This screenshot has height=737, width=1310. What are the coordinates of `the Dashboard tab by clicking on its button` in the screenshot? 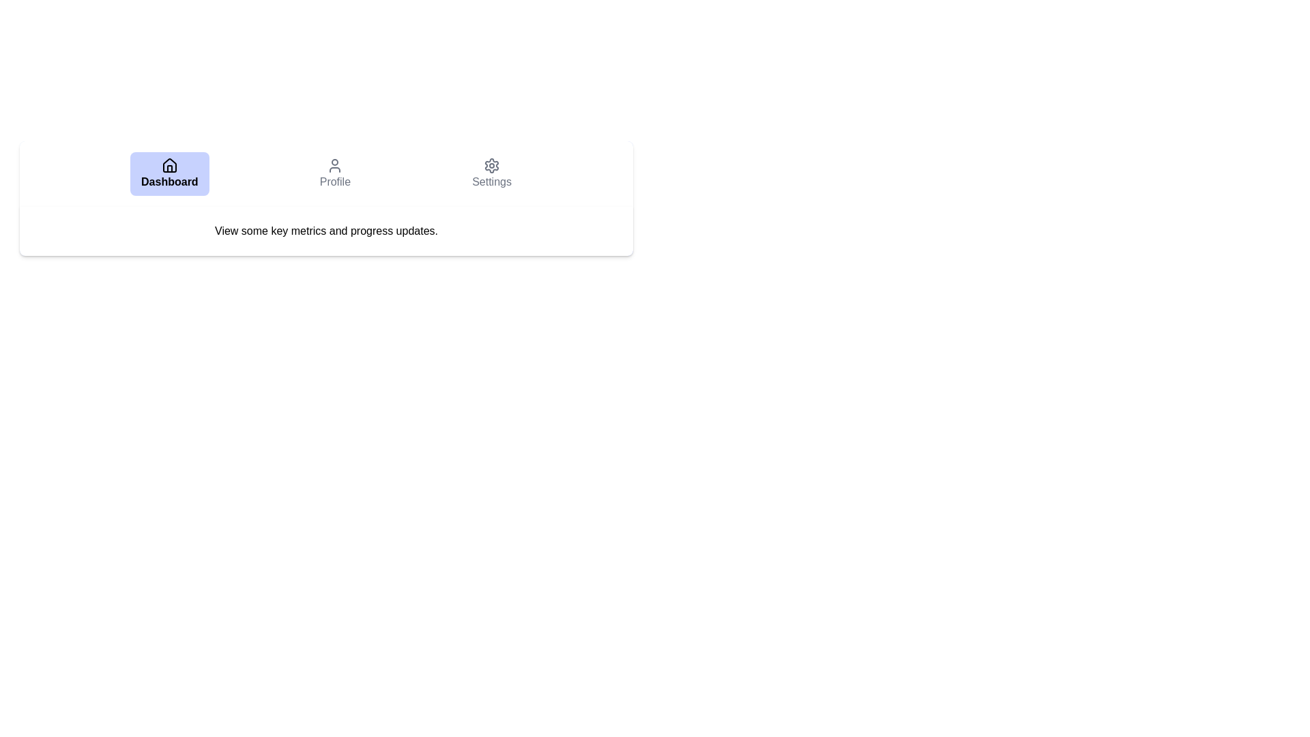 It's located at (169, 173).